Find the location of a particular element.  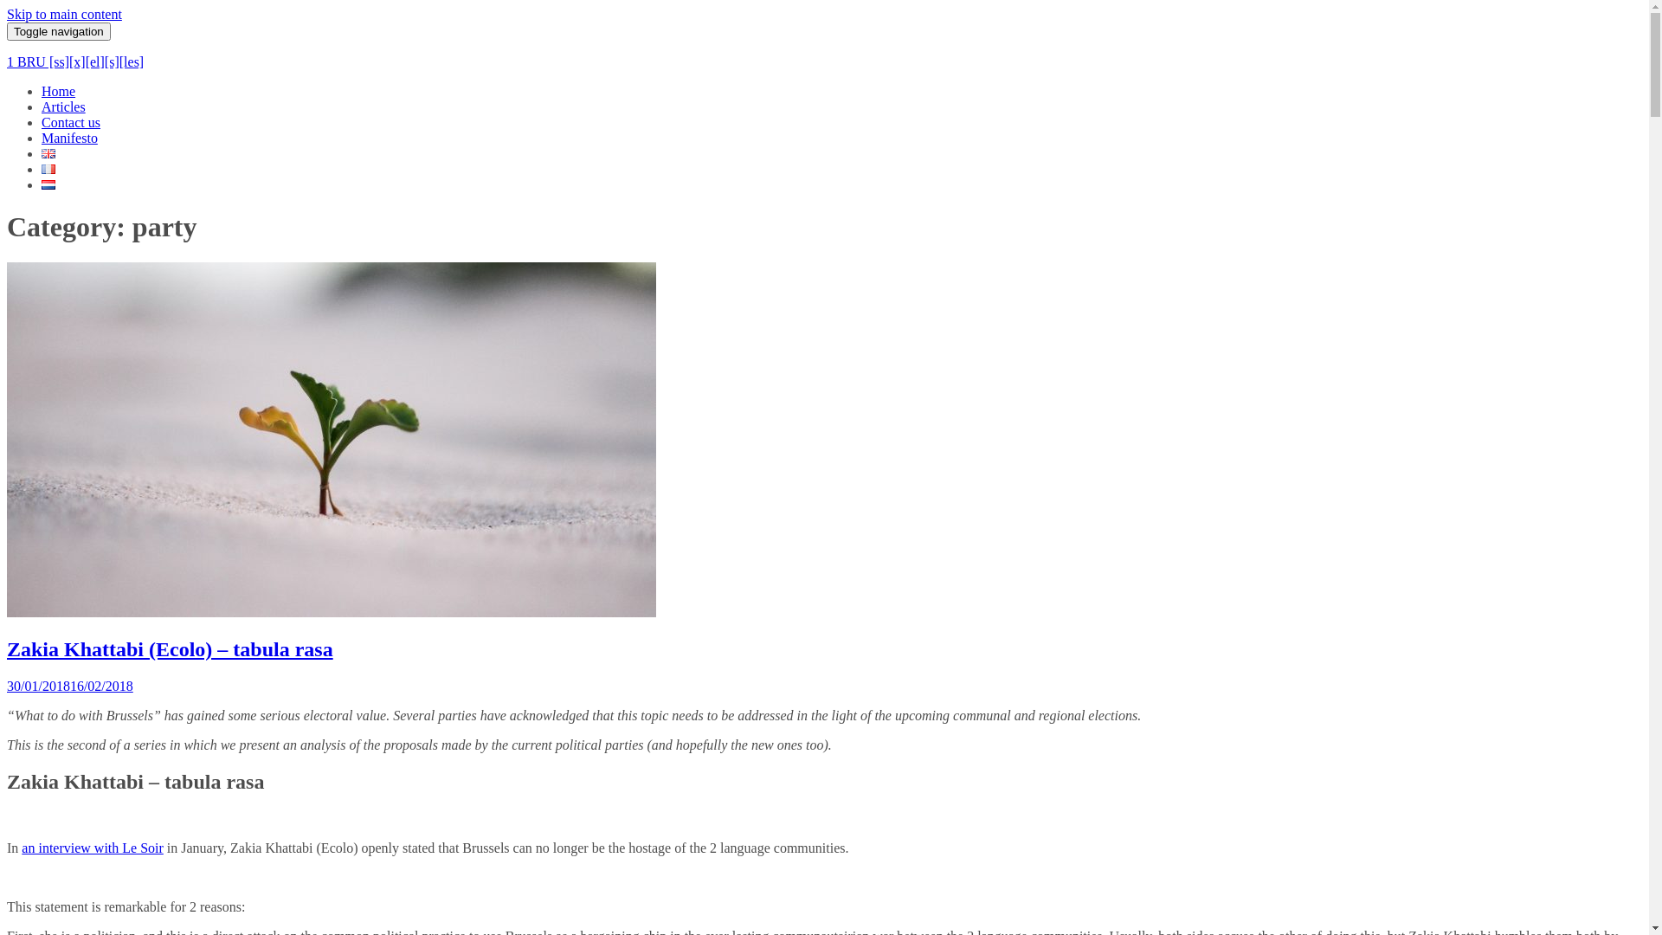

'Skip to main content' is located at coordinates (64, 14).